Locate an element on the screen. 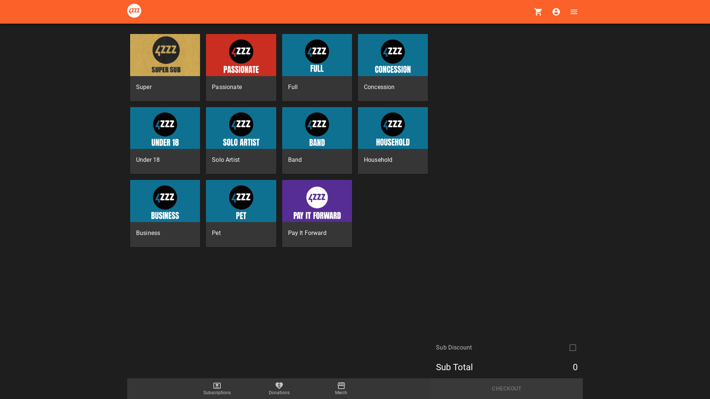  'Account' is located at coordinates (556, 11).